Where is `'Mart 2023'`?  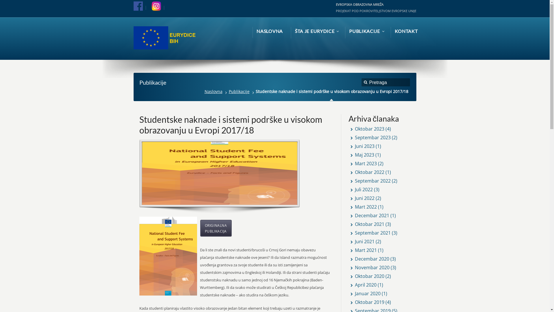 'Mart 2023' is located at coordinates (365, 164).